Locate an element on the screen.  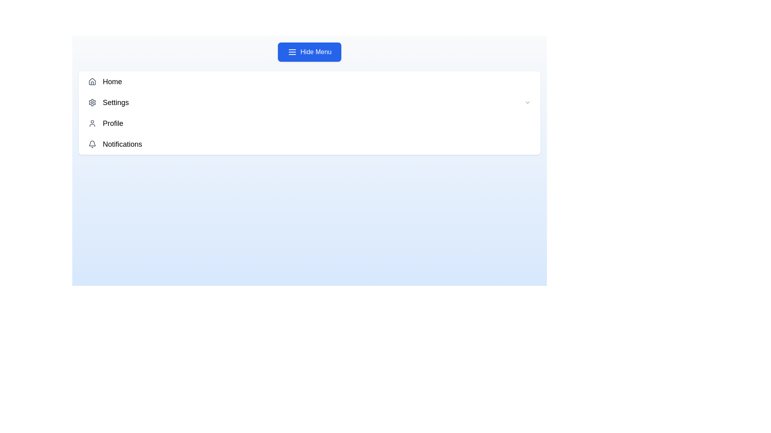
the 'Home' icon in the sidebar menu, which serves as a navigation link to the homepage or main dashboard is located at coordinates (92, 82).